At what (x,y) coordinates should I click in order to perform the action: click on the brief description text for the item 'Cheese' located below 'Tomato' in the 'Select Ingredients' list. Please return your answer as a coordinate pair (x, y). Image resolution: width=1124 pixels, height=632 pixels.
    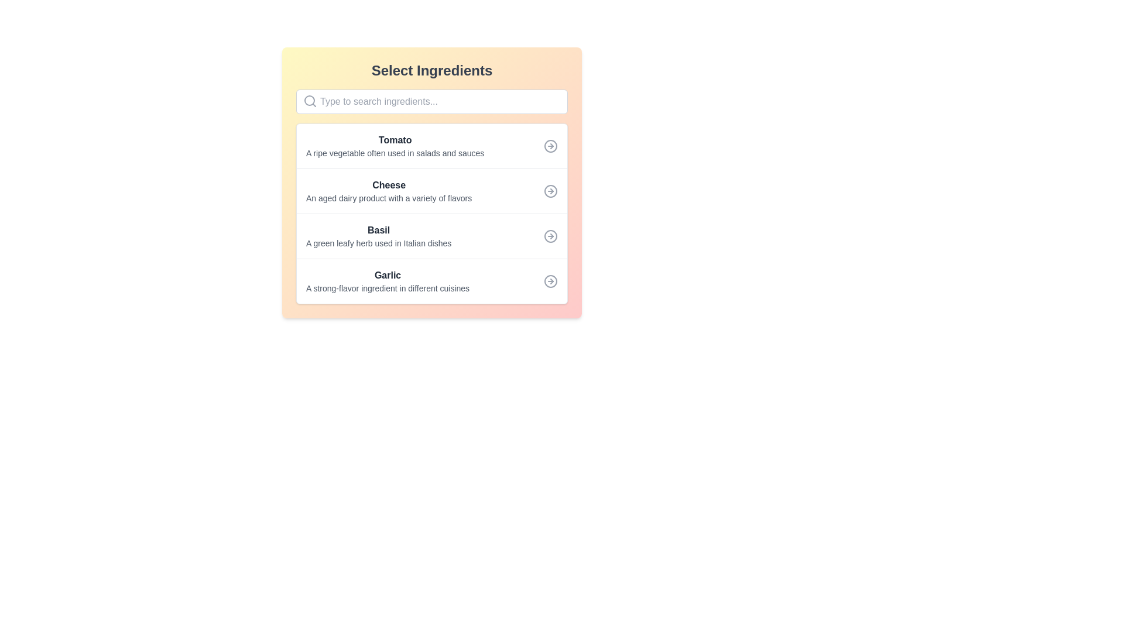
    Looking at the image, I should click on (389, 198).